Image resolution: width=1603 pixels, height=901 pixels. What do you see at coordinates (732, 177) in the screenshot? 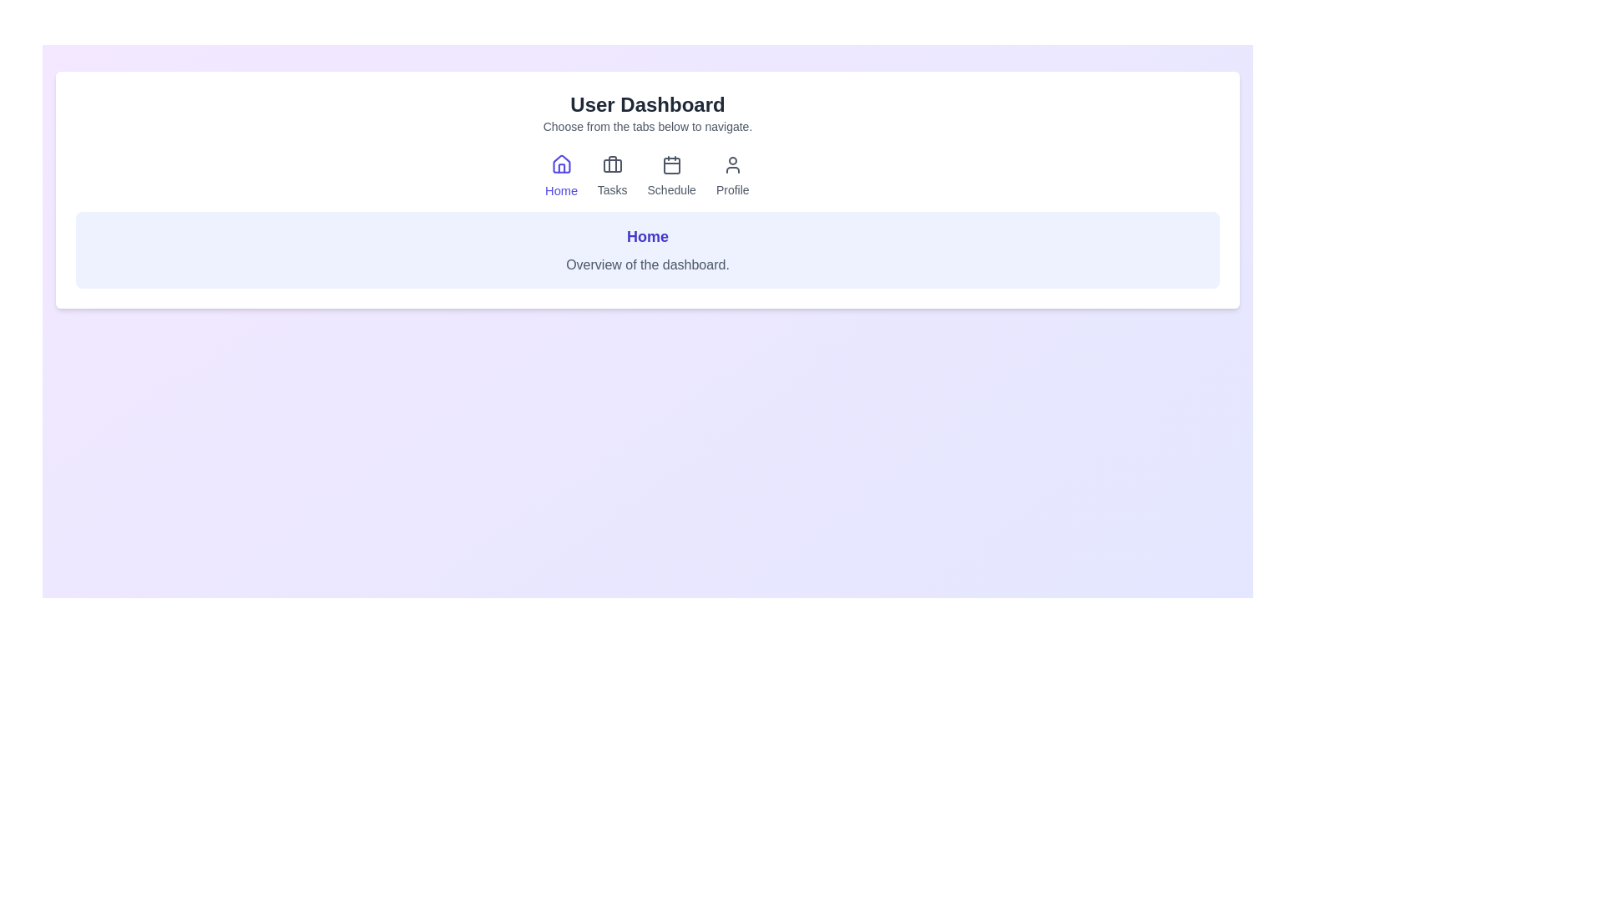
I see `the 'Profile' button, which features a user profile icon and is the fourth option in the navigation menu` at bounding box center [732, 177].